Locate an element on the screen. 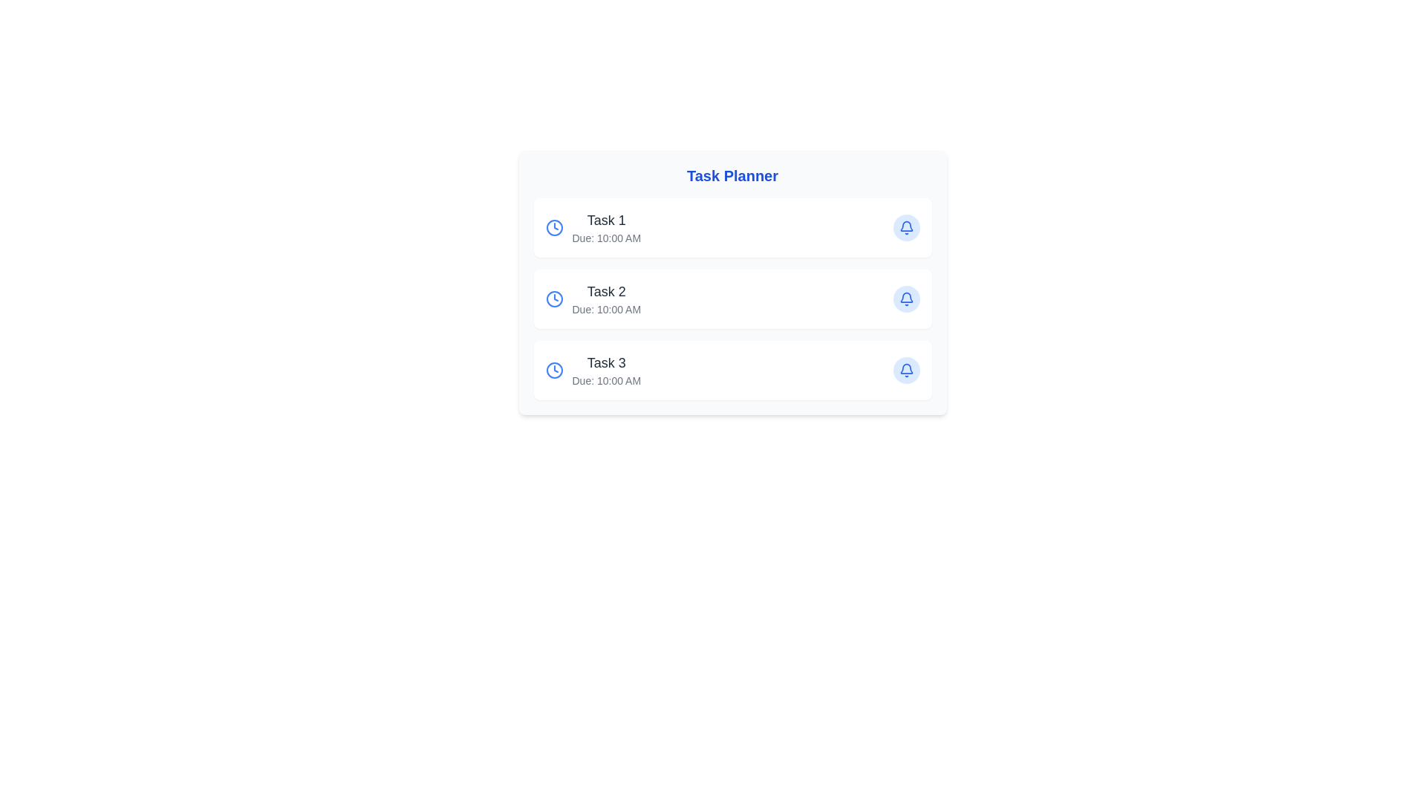  the heading text for the task item is located at coordinates (606, 292).